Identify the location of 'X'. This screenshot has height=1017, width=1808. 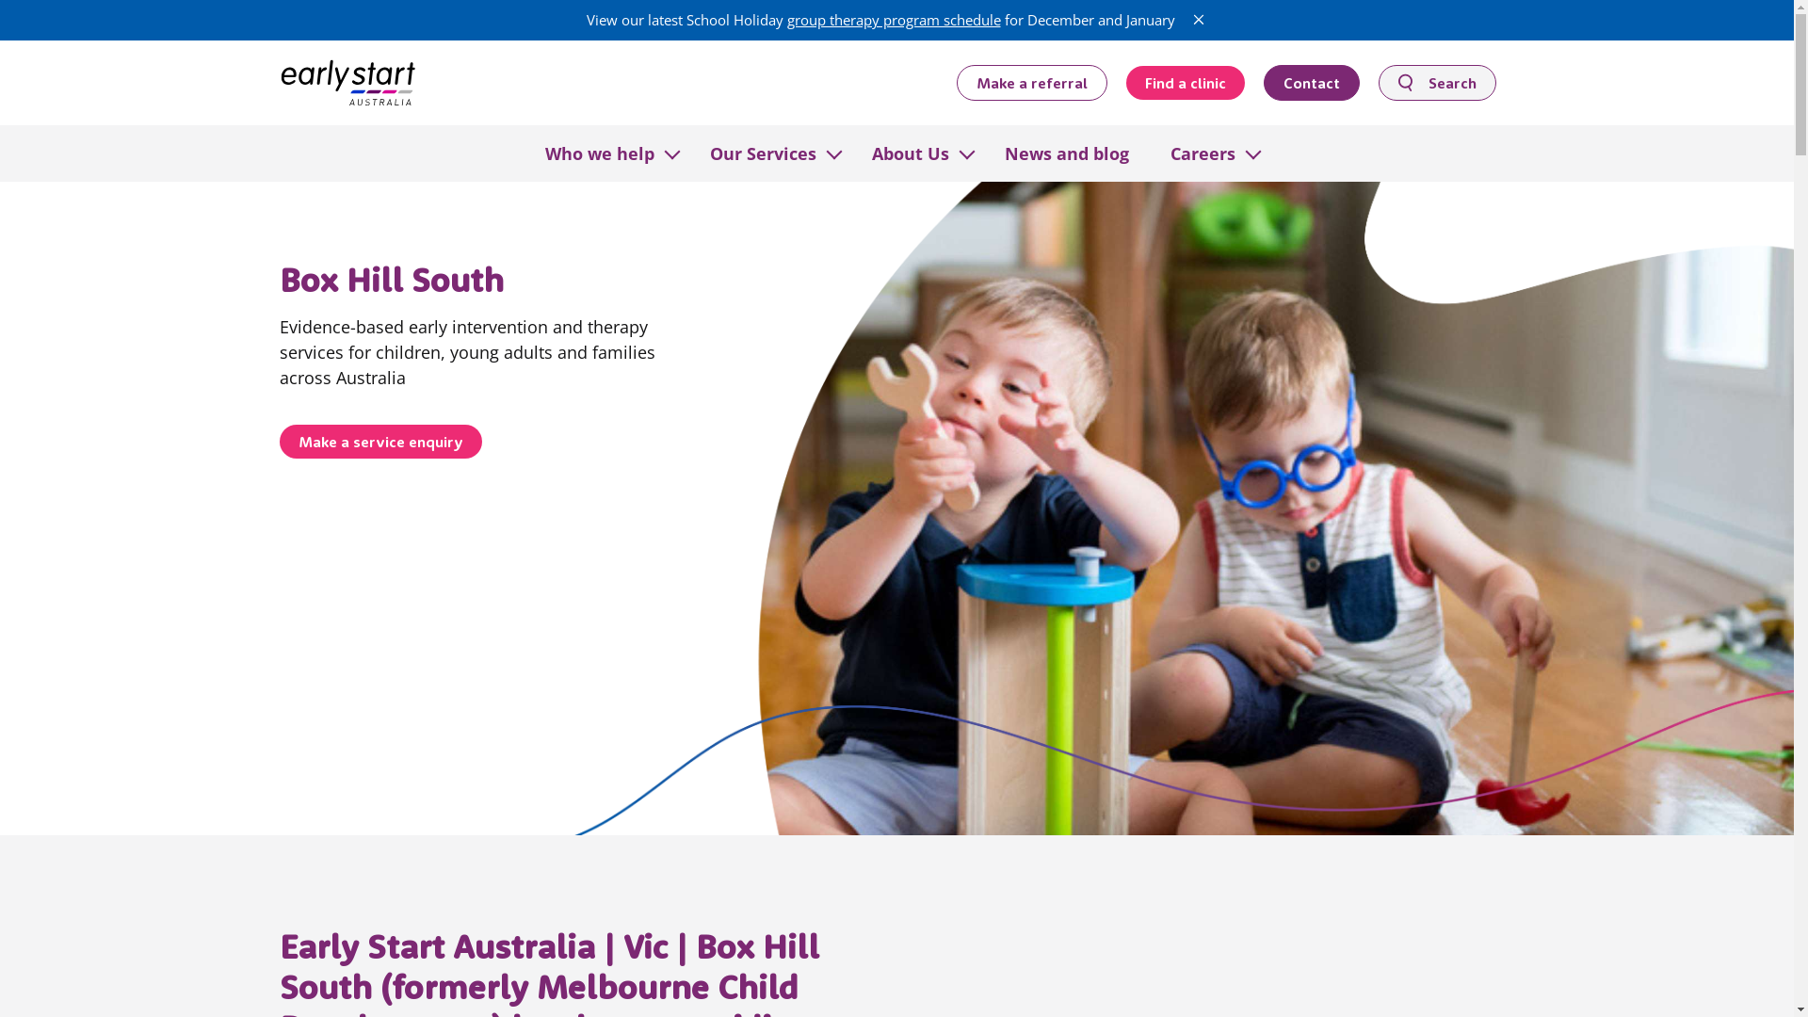
(1187, 19).